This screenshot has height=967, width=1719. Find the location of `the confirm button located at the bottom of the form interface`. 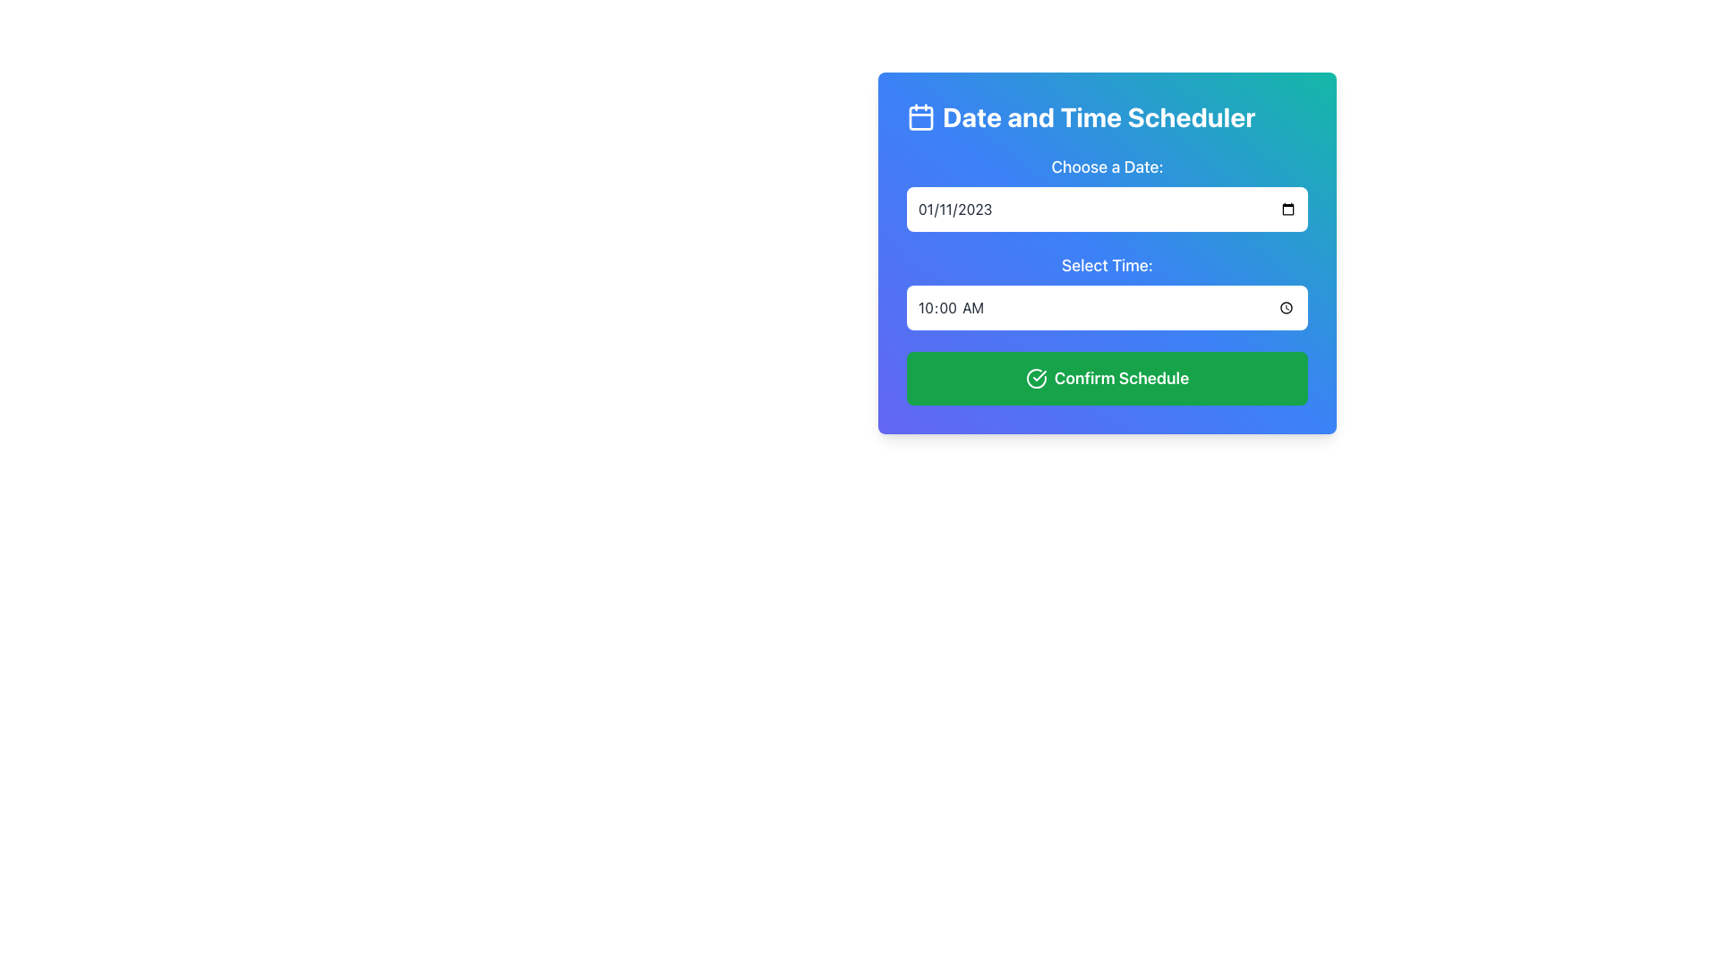

the confirm button located at the bottom of the form interface is located at coordinates (1107, 378).